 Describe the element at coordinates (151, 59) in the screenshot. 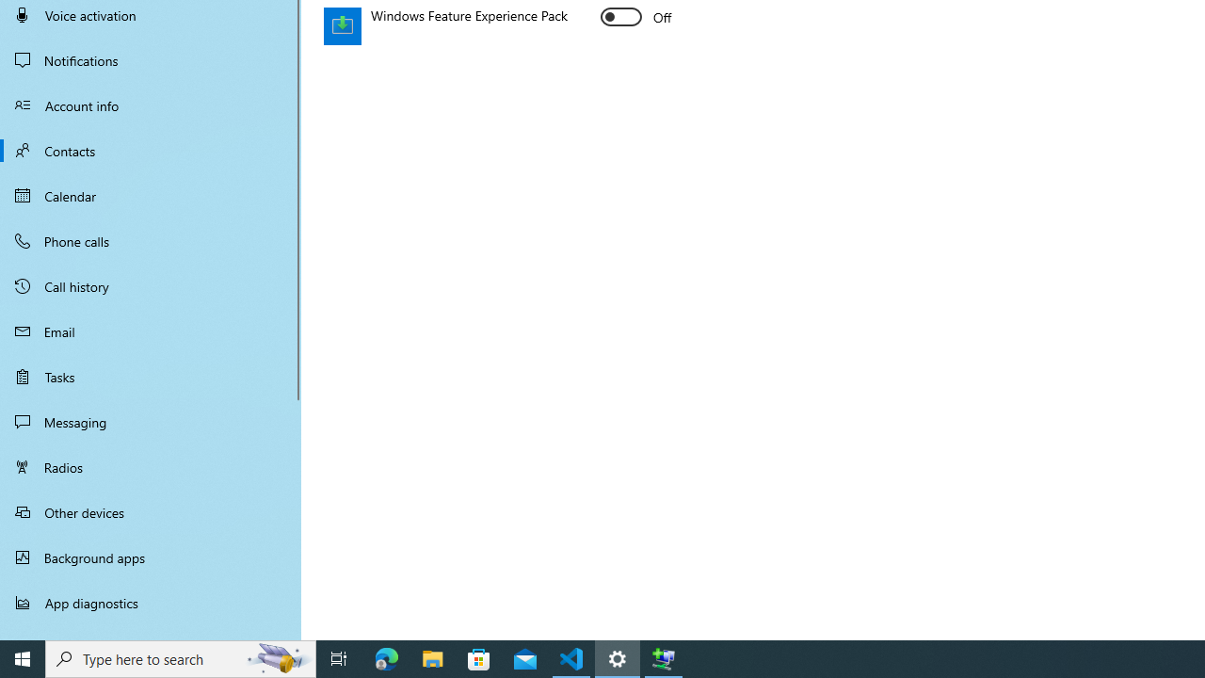

I see `'Notifications'` at that location.